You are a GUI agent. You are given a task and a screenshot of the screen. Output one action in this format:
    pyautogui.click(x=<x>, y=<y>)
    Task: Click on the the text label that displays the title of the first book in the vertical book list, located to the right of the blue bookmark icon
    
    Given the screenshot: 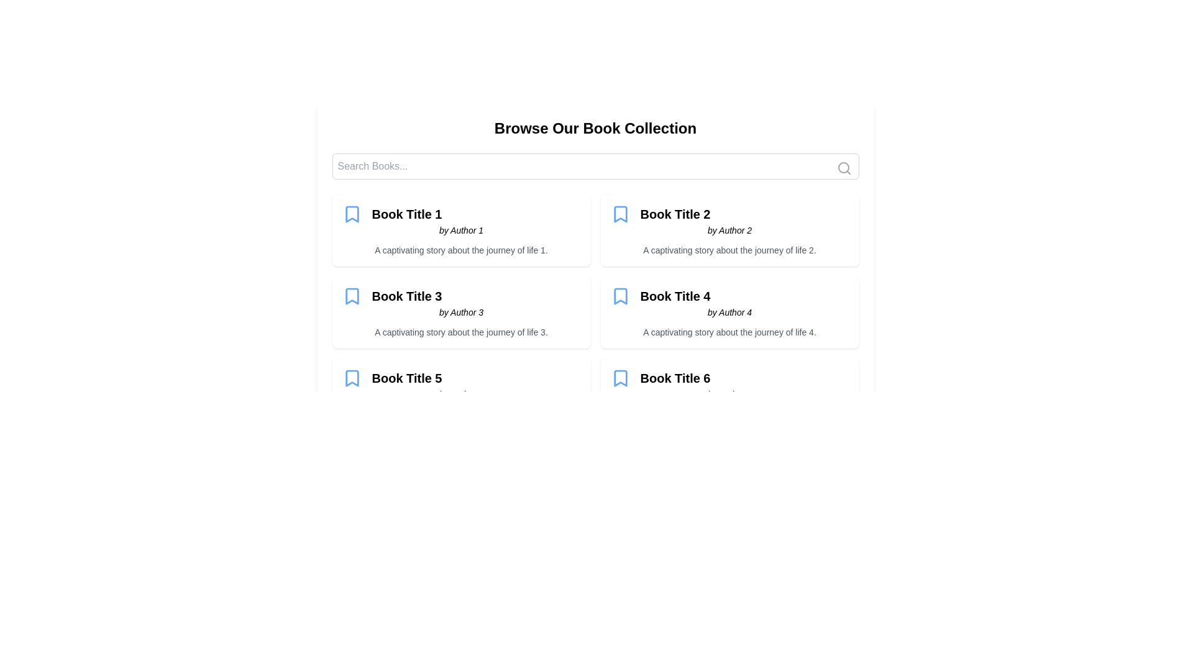 What is the action you would take?
    pyautogui.click(x=406, y=213)
    